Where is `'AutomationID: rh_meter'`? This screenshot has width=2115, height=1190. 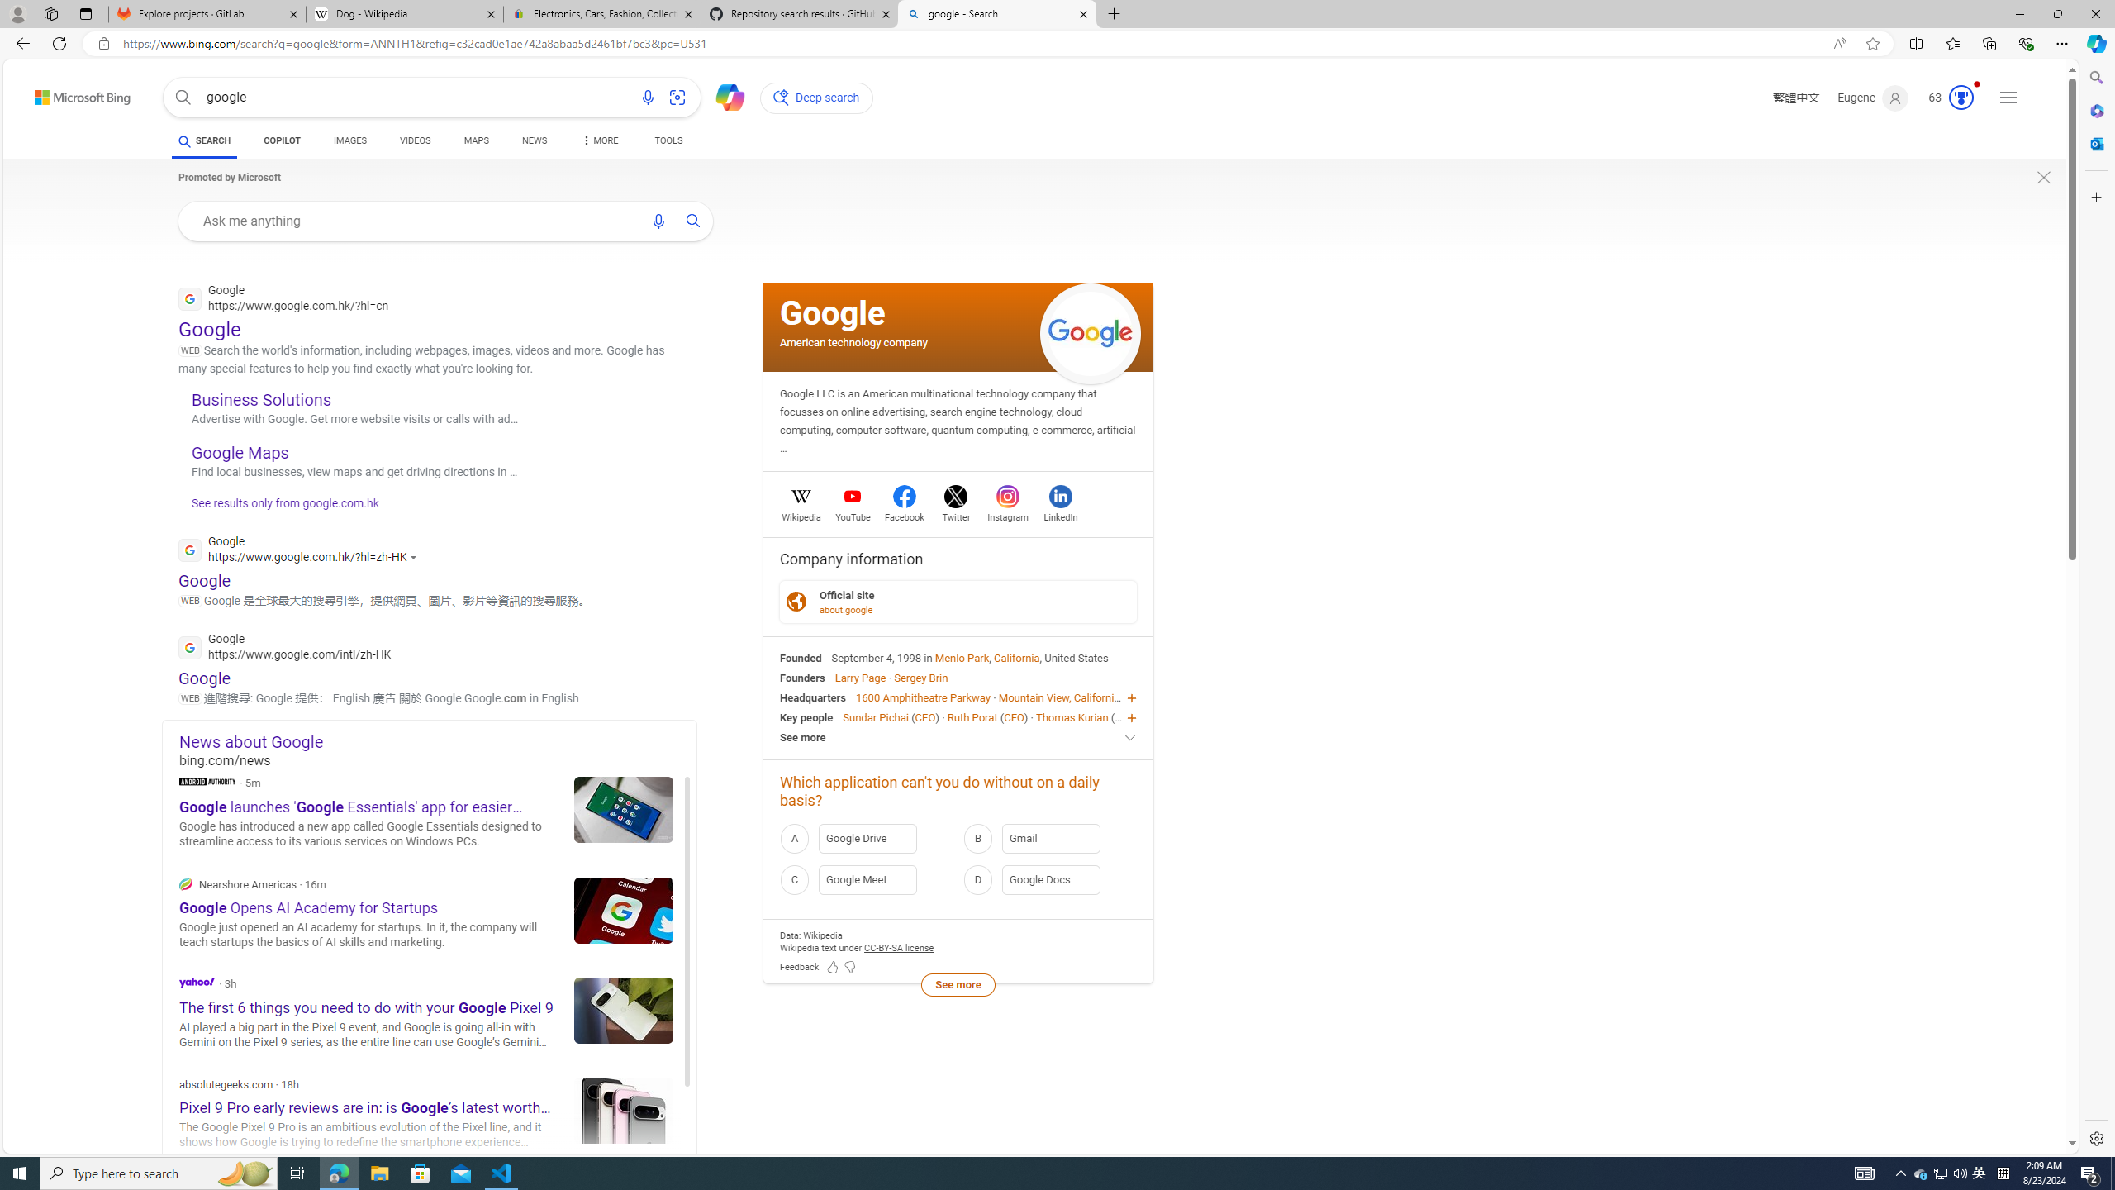 'AutomationID: rh_meter' is located at coordinates (1961, 98).